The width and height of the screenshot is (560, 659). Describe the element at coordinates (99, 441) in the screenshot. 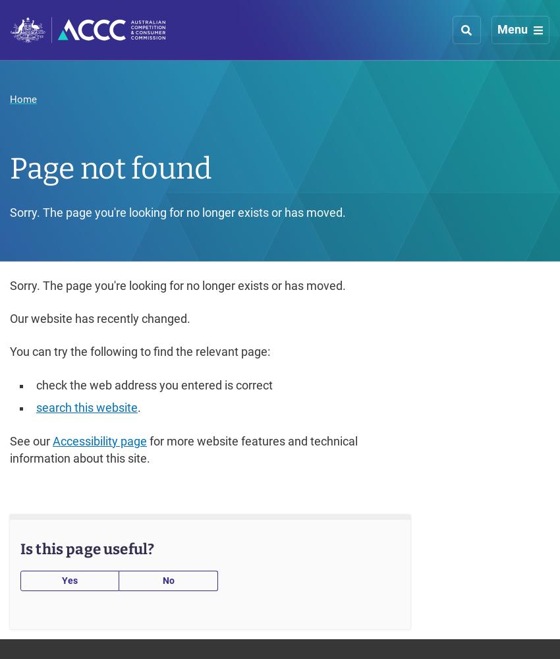

I see `'Accessibility page'` at that location.